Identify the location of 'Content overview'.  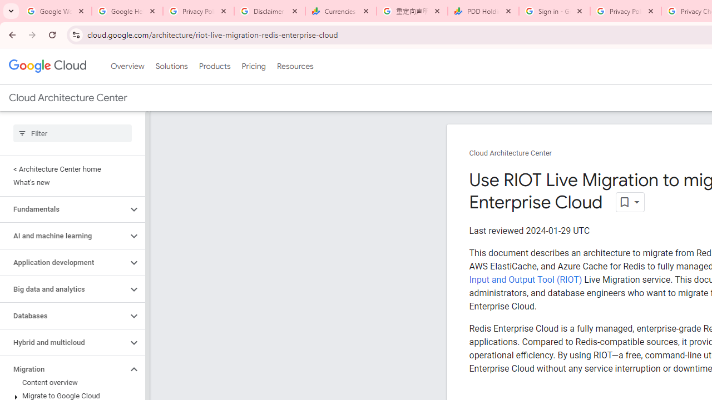
(70, 382).